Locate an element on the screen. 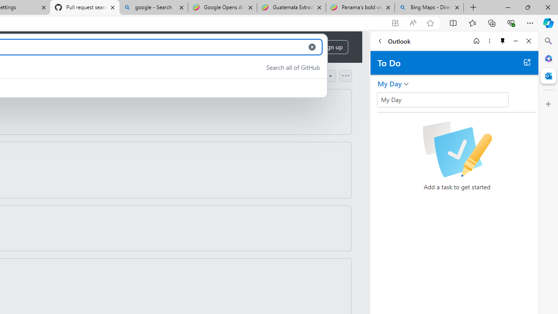 The width and height of the screenshot is (558, 314). 'Unpin side pane' is located at coordinates (503, 41).